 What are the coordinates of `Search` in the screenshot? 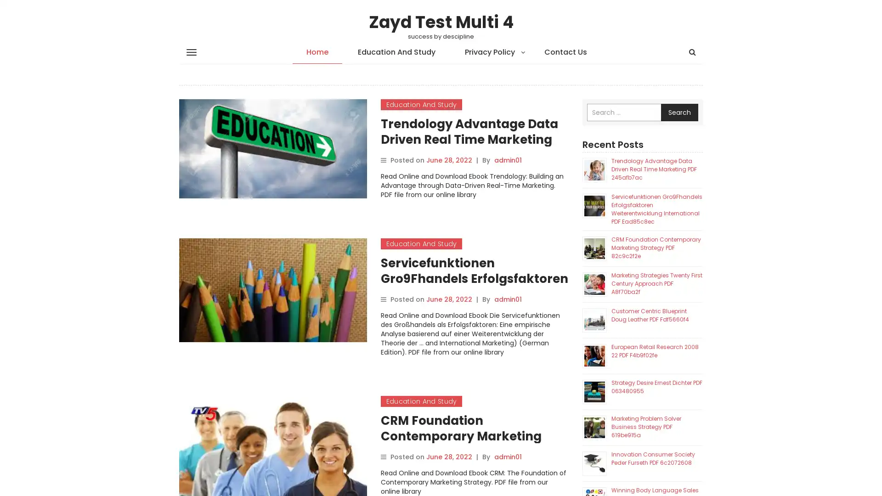 It's located at (679, 112).